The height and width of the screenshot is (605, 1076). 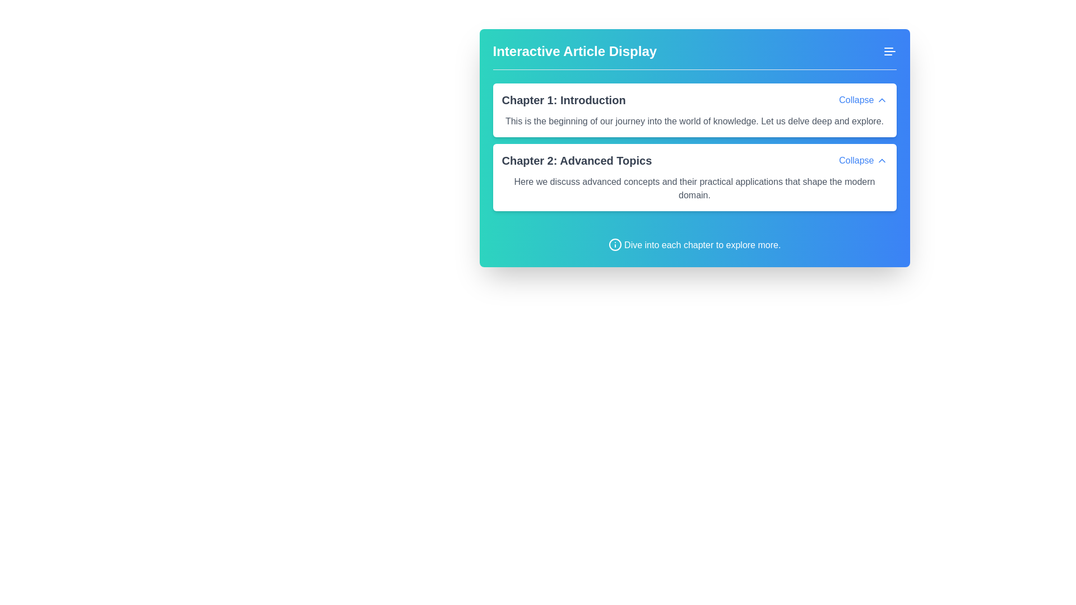 What do you see at coordinates (889, 52) in the screenshot?
I see `the small, white 'hamburger' menu icon located in the upper-right corner of the 'Interactive Article Display' area` at bounding box center [889, 52].